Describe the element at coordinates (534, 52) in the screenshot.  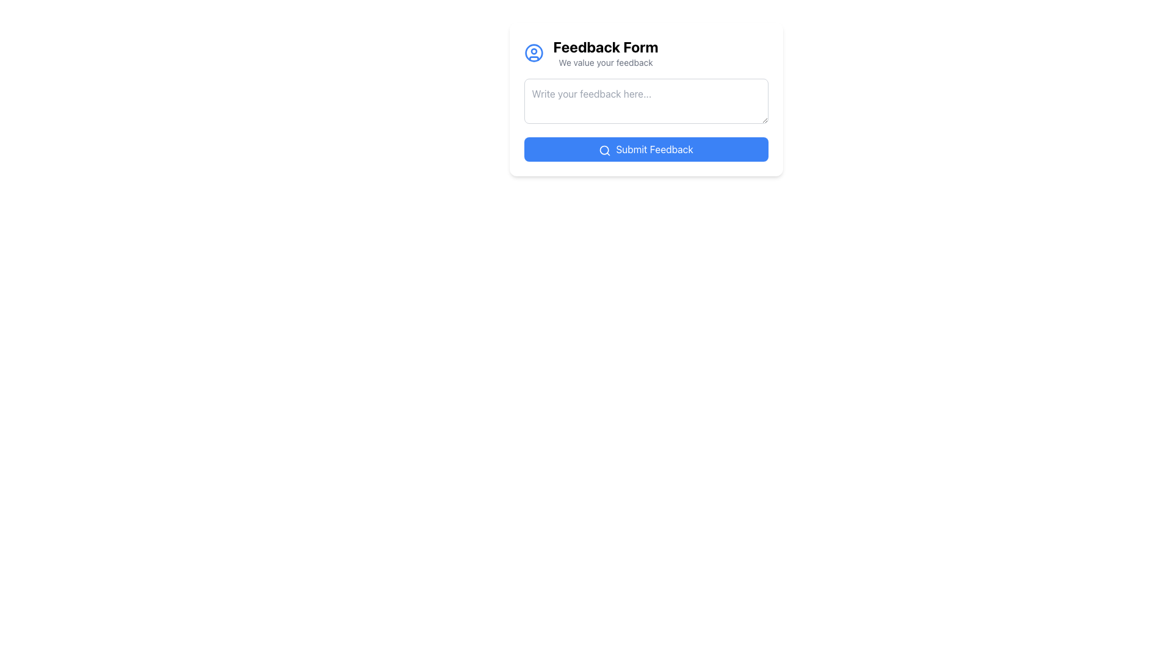
I see `the user profile icon represented by the SVG circle element located above the title 'Feedback Form'` at that location.